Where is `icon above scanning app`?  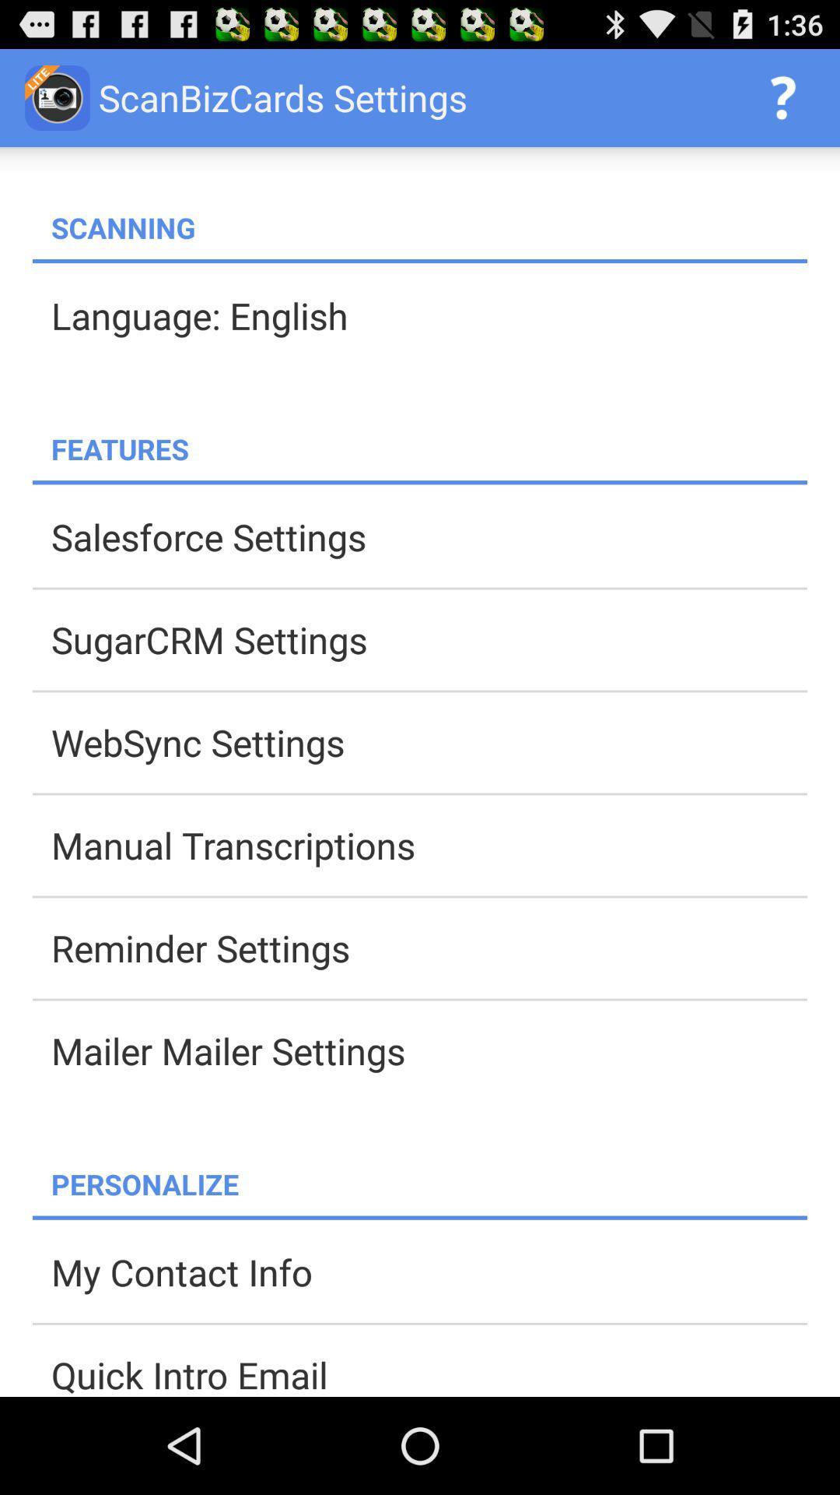 icon above scanning app is located at coordinates (782, 97).